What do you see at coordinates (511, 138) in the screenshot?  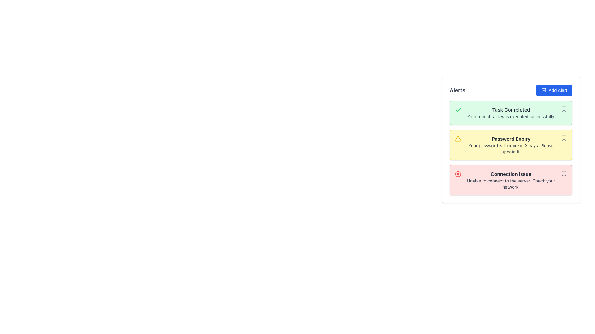 I see `text from the heading label that indicates a warning about password expiration, located in the middle section of the warning alert box` at bounding box center [511, 138].